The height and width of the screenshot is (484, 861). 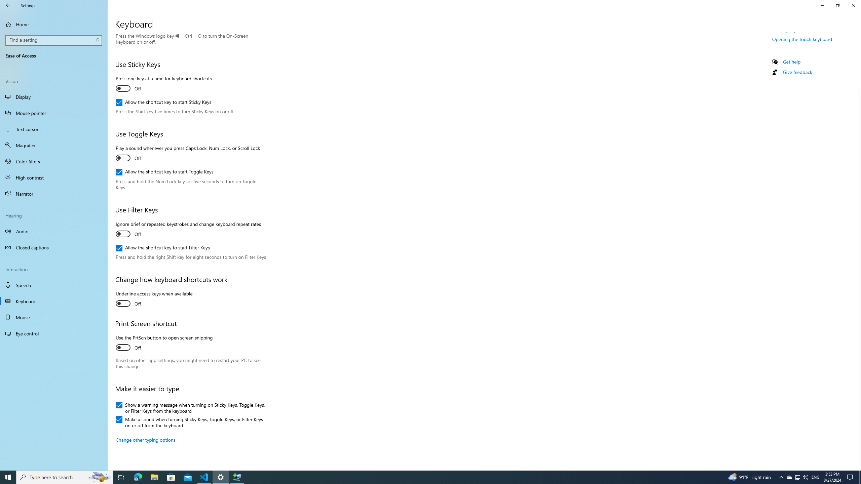 What do you see at coordinates (53, 128) in the screenshot?
I see `'Text cursor'` at bounding box center [53, 128].